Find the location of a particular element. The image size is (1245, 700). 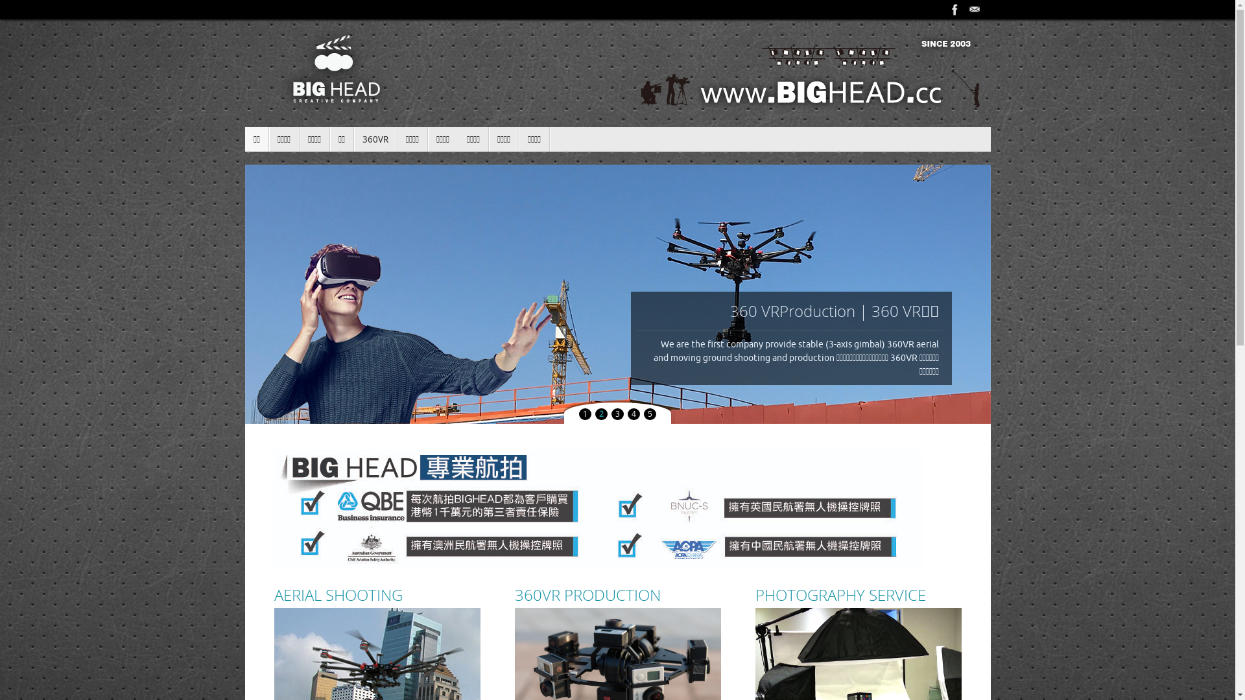

'360VR PRODUCTION' is located at coordinates (617, 595).